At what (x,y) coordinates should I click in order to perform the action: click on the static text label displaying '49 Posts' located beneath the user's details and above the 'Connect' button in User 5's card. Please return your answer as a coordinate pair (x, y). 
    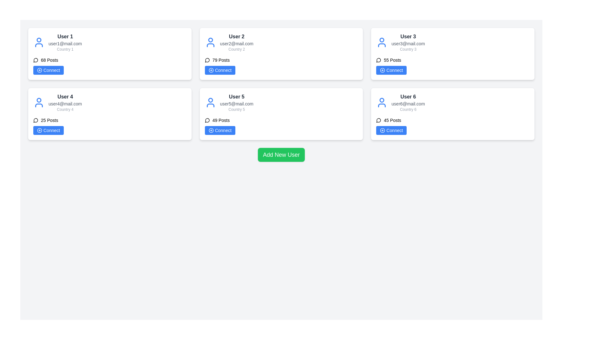
    Looking at the image, I should click on (221, 120).